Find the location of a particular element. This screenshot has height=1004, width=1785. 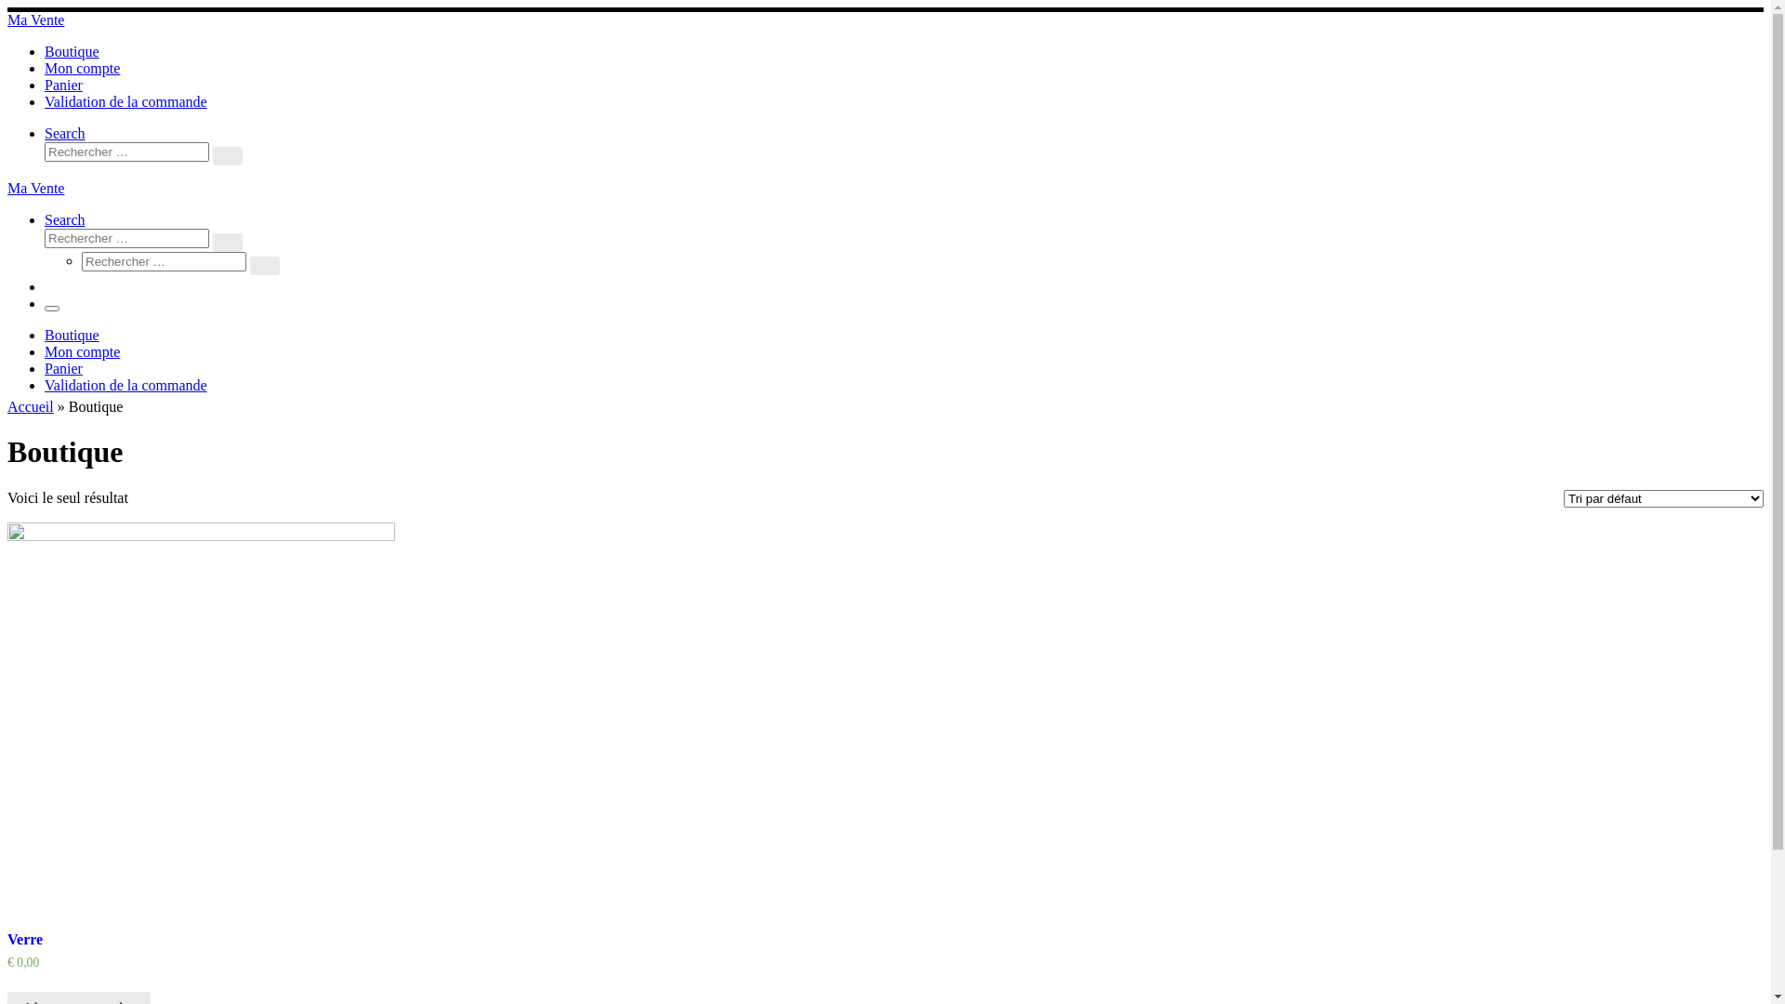

'Accueil' is located at coordinates (31, 405).